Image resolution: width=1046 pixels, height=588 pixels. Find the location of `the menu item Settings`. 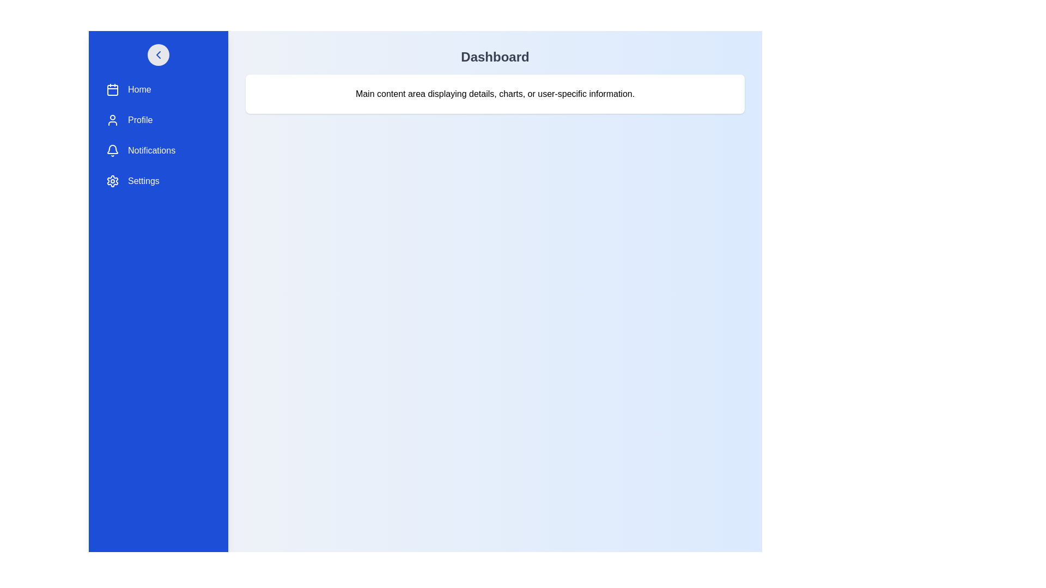

the menu item Settings is located at coordinates (158, 180).